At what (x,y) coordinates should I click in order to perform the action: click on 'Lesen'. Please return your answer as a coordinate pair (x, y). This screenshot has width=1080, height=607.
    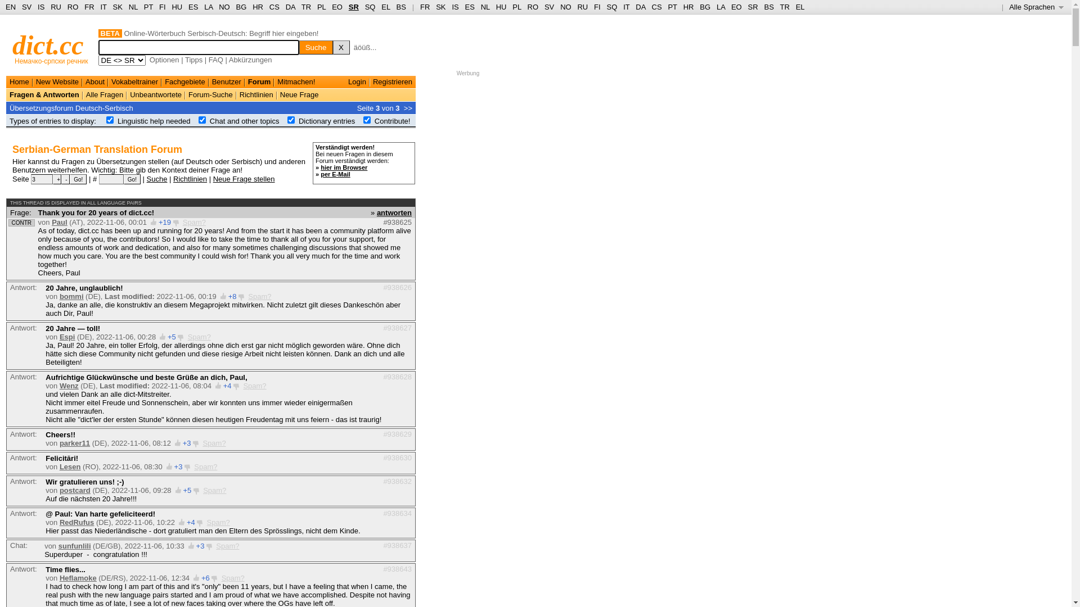
    Looking at the image, I should click on (58, 466).